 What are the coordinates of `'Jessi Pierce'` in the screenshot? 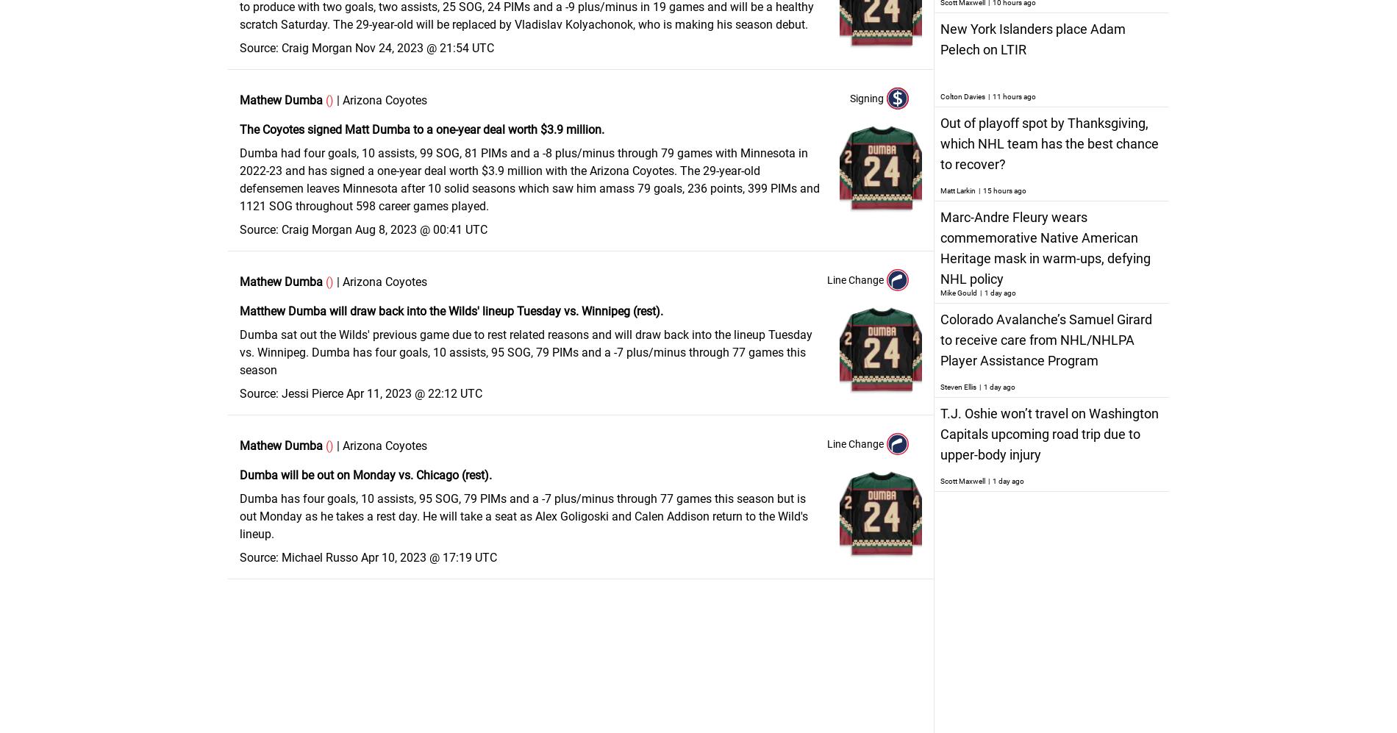 It's located at (312, 393).